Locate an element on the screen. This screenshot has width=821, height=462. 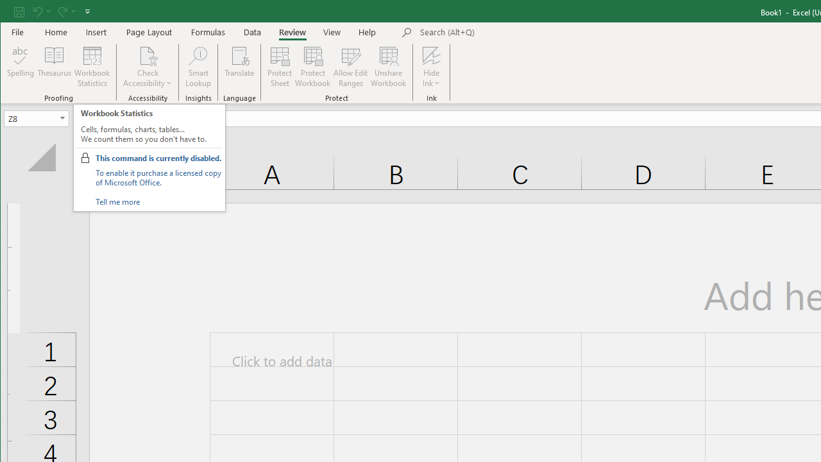
'Name Box' is located at coordinates (36, 119).